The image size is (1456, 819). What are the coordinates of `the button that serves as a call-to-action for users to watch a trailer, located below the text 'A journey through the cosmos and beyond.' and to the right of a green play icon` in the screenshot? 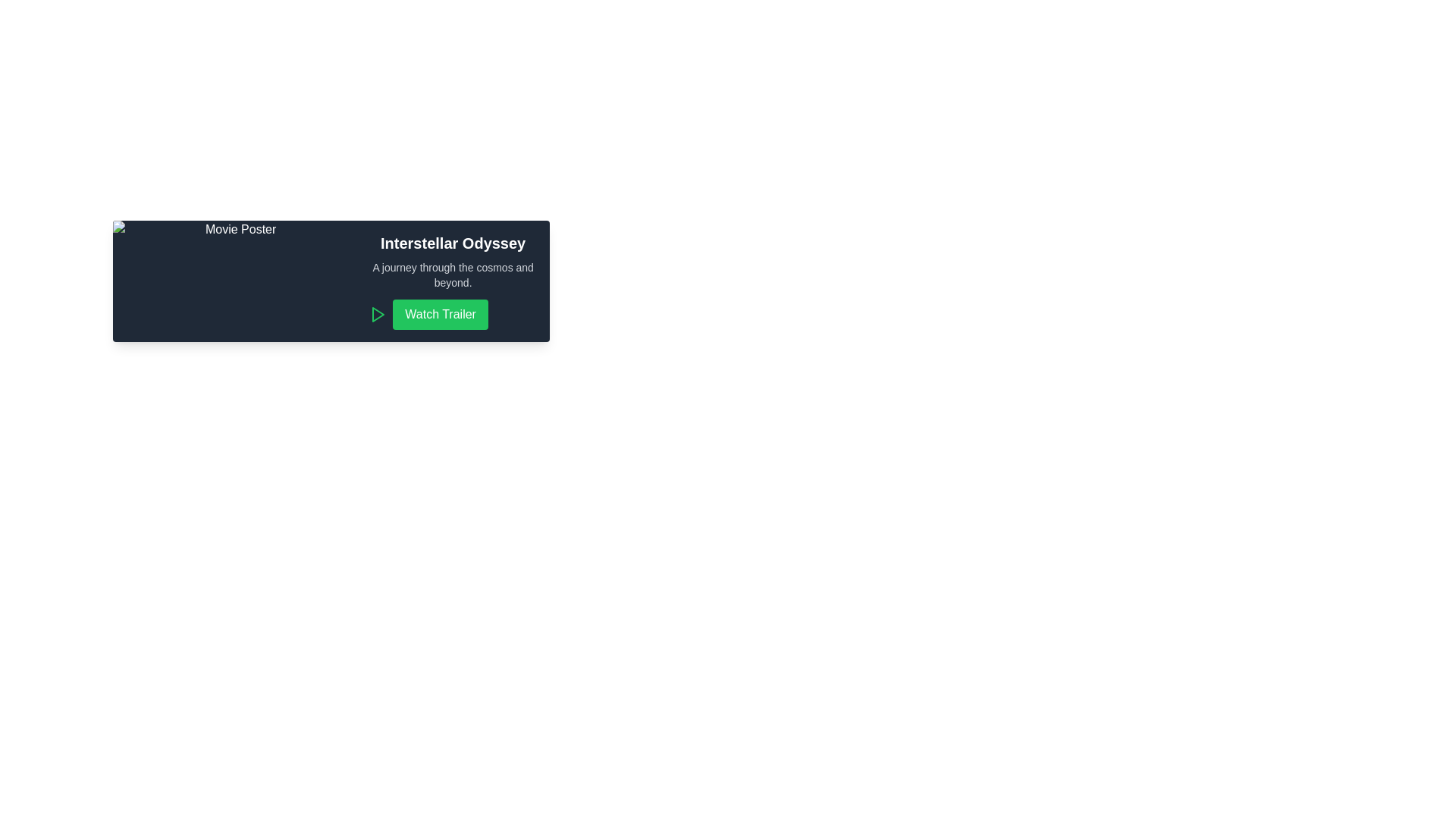 It's located at (452, 314).